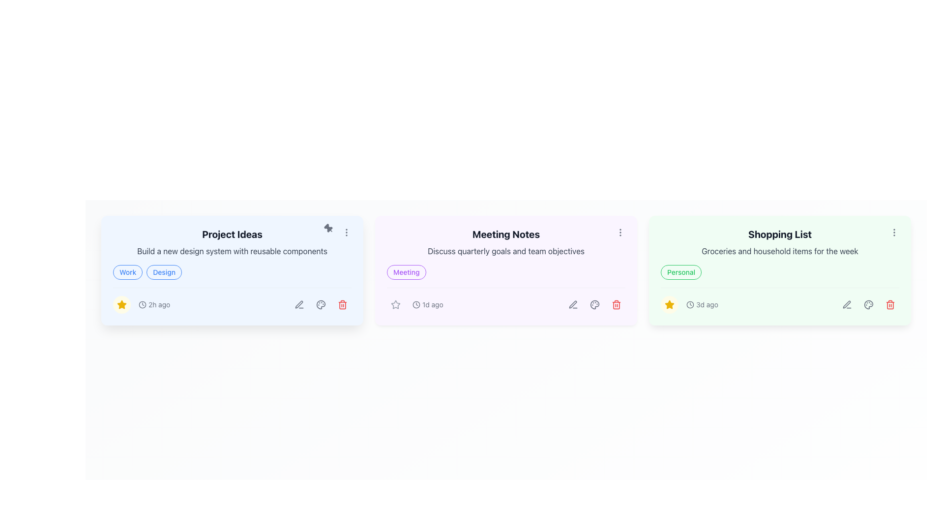 The image size is (944, 531). I want to click on the graphical icon resembling a palette, which is part of the action button group at the lower section of the 'Project Ideas' card, so click(321, 304).